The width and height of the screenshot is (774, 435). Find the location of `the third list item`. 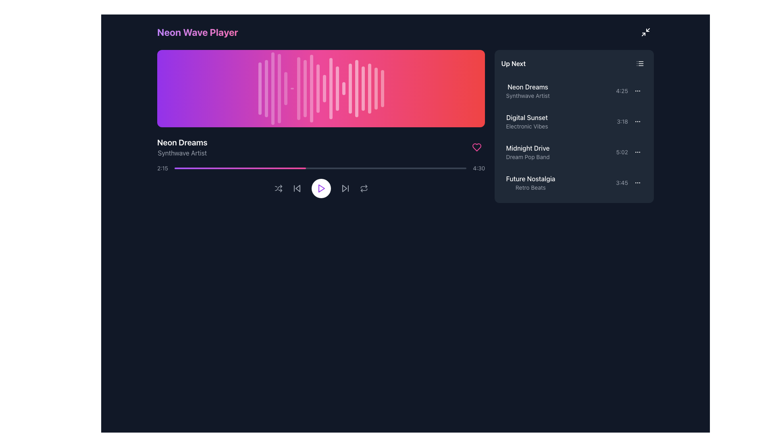

the third list item is located at coordinates (574, 152).